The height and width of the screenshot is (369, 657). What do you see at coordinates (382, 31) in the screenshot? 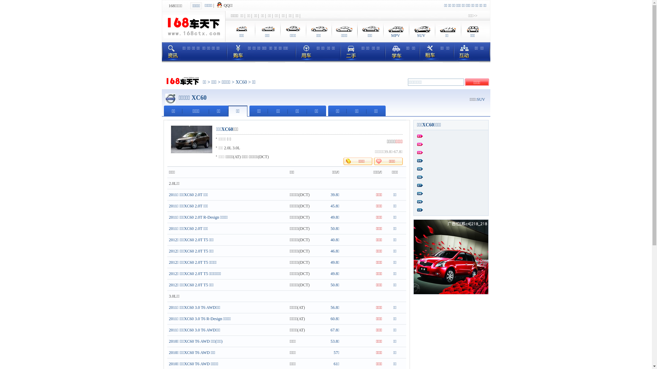
I see `'MPV'` at bounding box center [382, 31].